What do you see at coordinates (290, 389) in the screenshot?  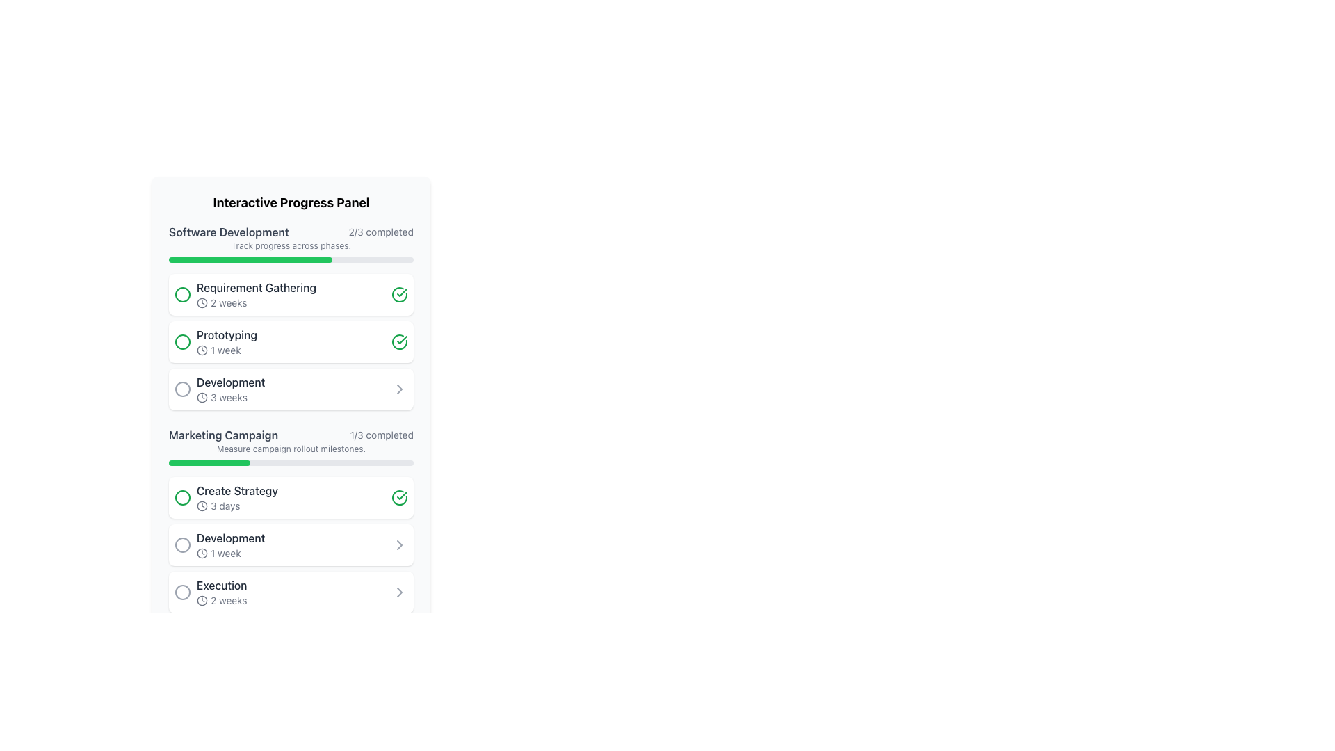 I see `the list item displaying the task 'Development' with a duration of '3 weeks', which is the third item in the vertical list under 'Software Development'` at bounding box center [290, 389].